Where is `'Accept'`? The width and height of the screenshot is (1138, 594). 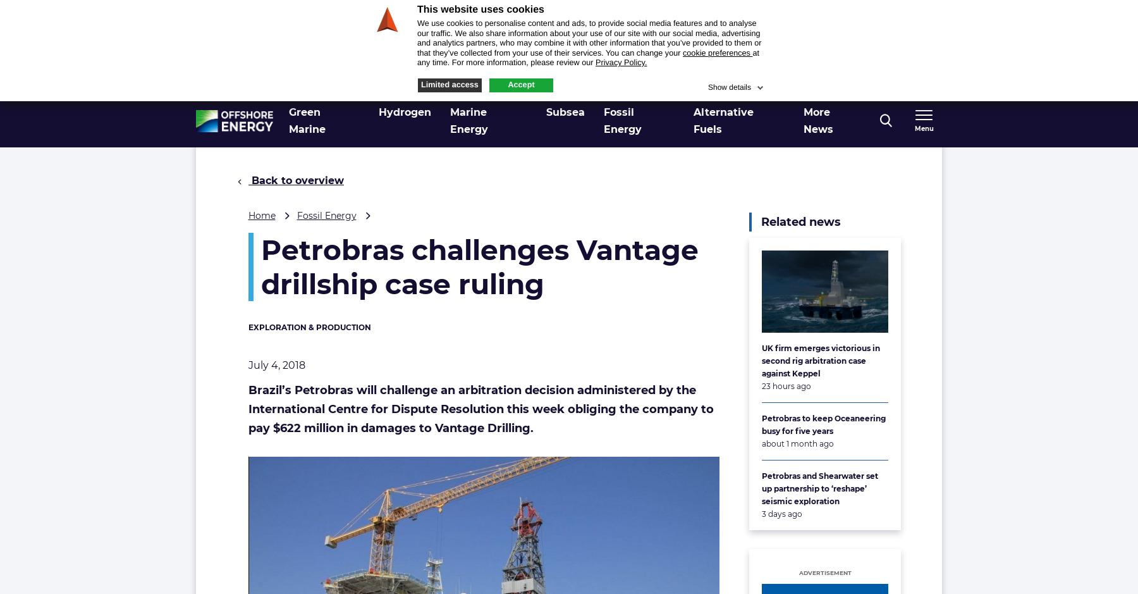
'Accept' is located at coordinates (507, 83).